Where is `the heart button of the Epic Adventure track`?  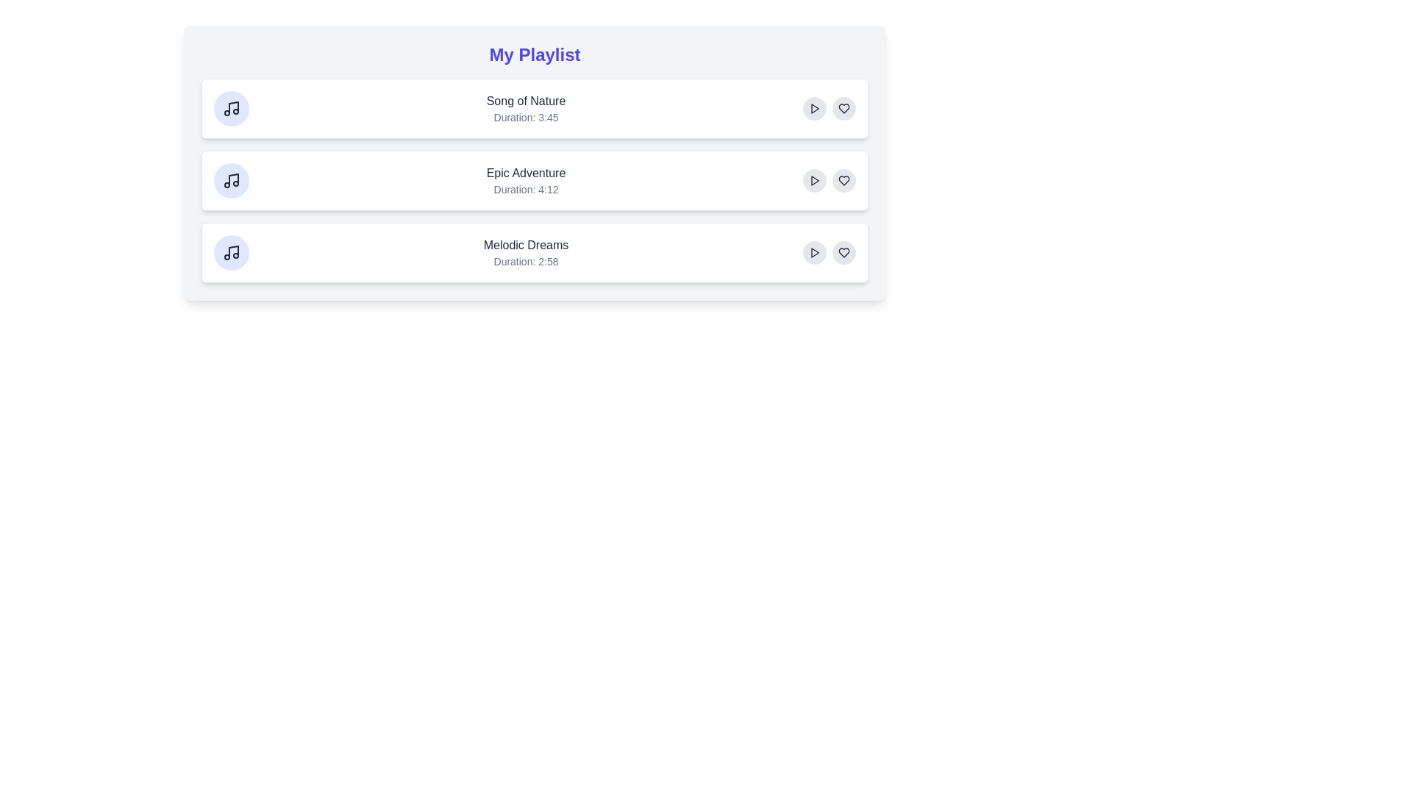
the heart button of the Epic Adventure track is located at coordinates (844, 180).